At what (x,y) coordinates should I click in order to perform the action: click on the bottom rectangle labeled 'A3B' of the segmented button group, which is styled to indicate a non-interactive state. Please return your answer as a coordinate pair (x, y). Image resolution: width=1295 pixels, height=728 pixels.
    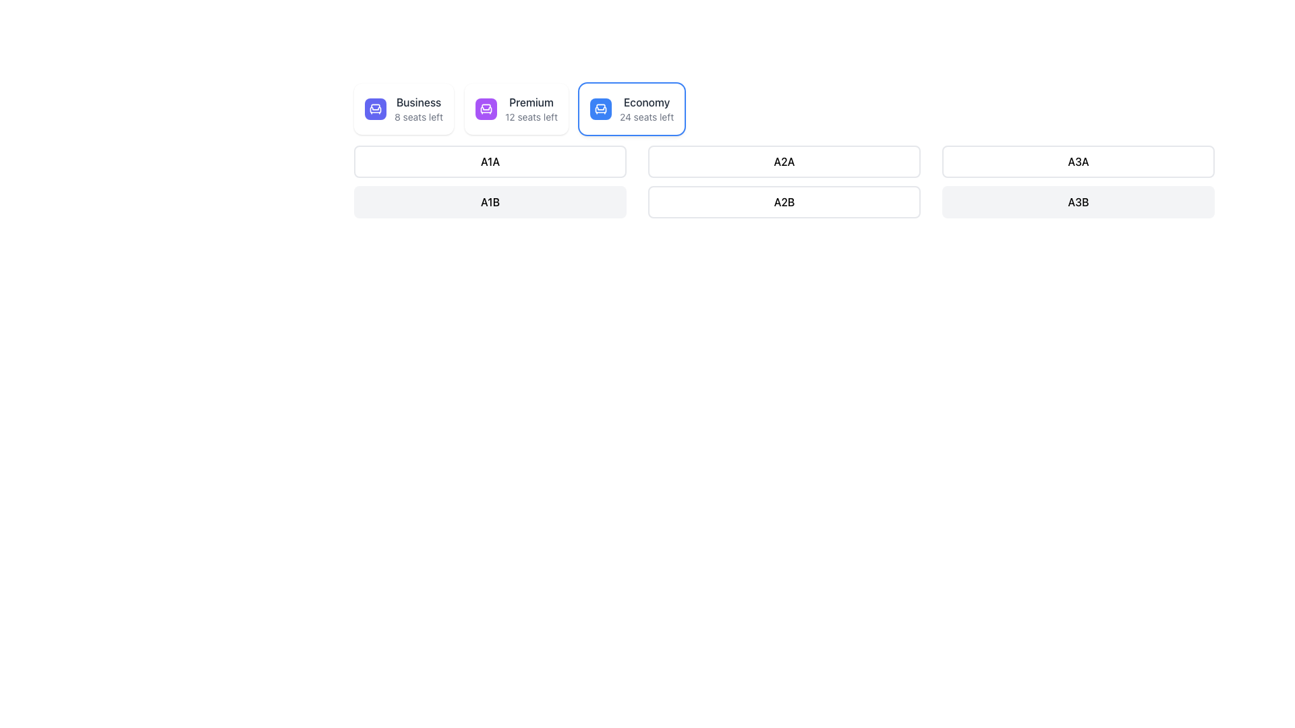
    Looking at the image, I should click on (1077, 184).